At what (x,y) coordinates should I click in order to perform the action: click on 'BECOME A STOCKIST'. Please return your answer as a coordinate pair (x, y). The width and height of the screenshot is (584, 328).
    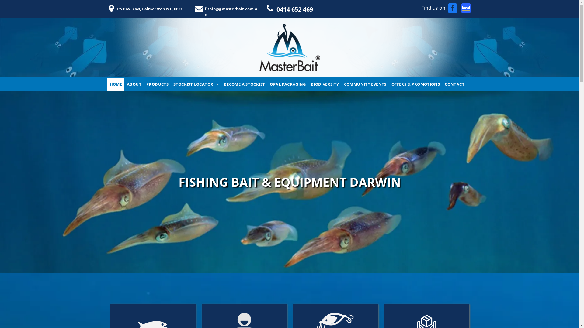
    Looking at the image, I should click on (244, 84).